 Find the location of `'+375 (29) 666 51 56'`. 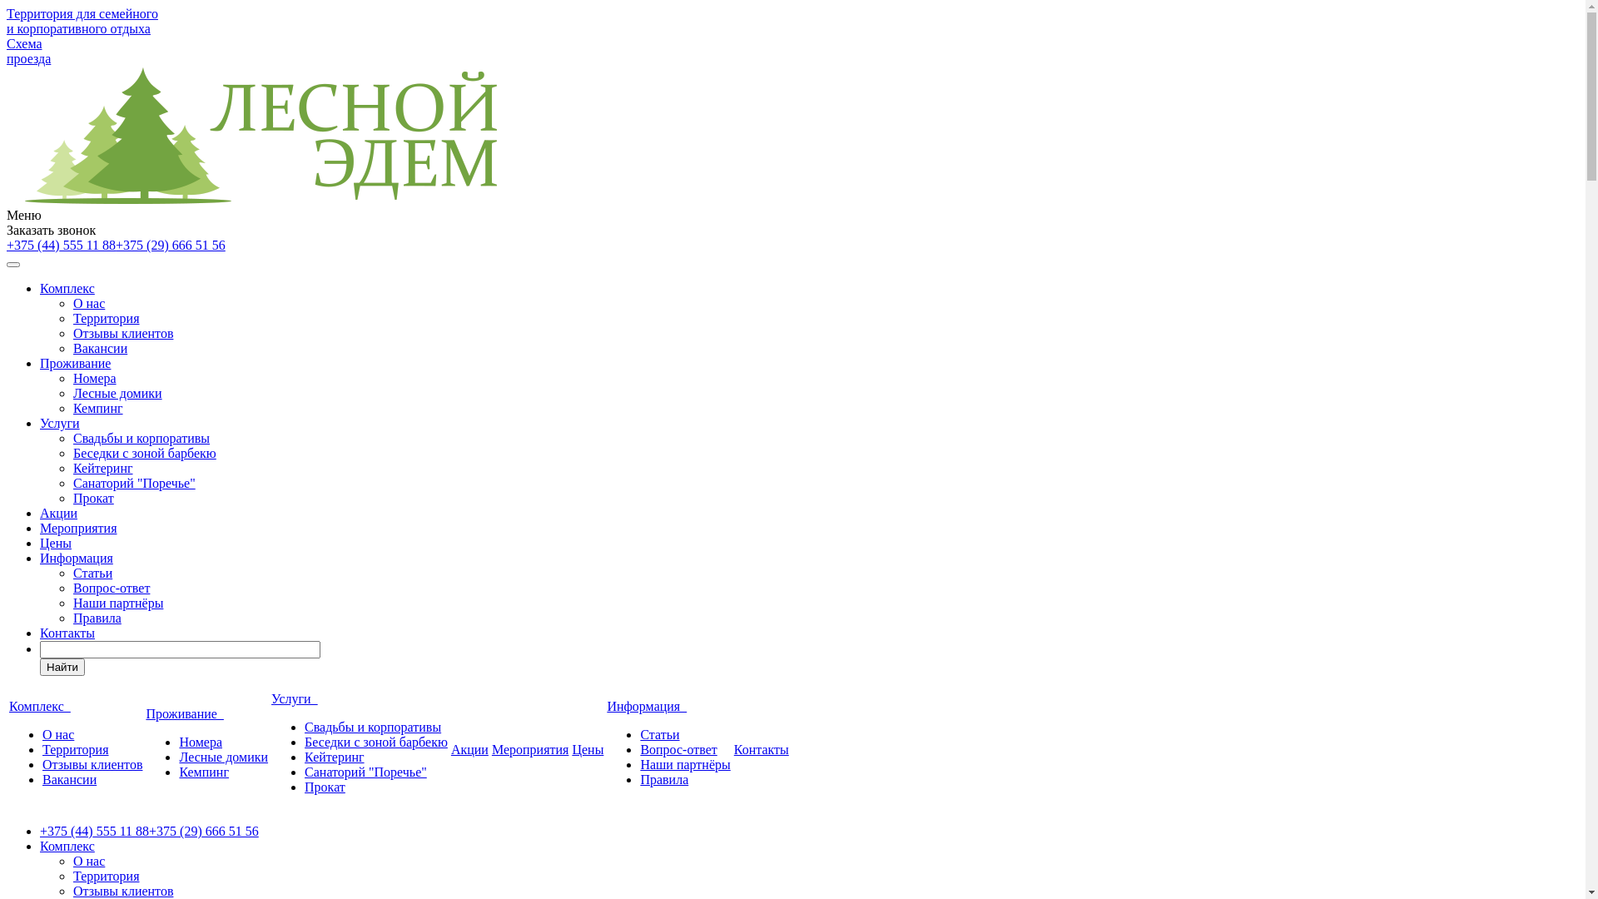

'+375 (29) 666 51 56' is located at coordinates (171, 245).